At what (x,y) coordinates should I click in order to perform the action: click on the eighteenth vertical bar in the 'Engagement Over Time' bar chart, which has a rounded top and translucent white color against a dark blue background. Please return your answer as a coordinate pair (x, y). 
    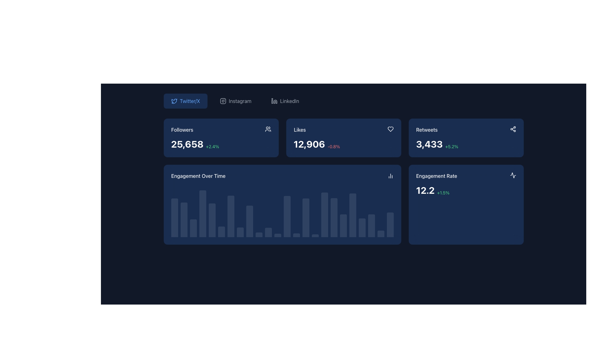
    Looking at the image, I should click on (333, 217).